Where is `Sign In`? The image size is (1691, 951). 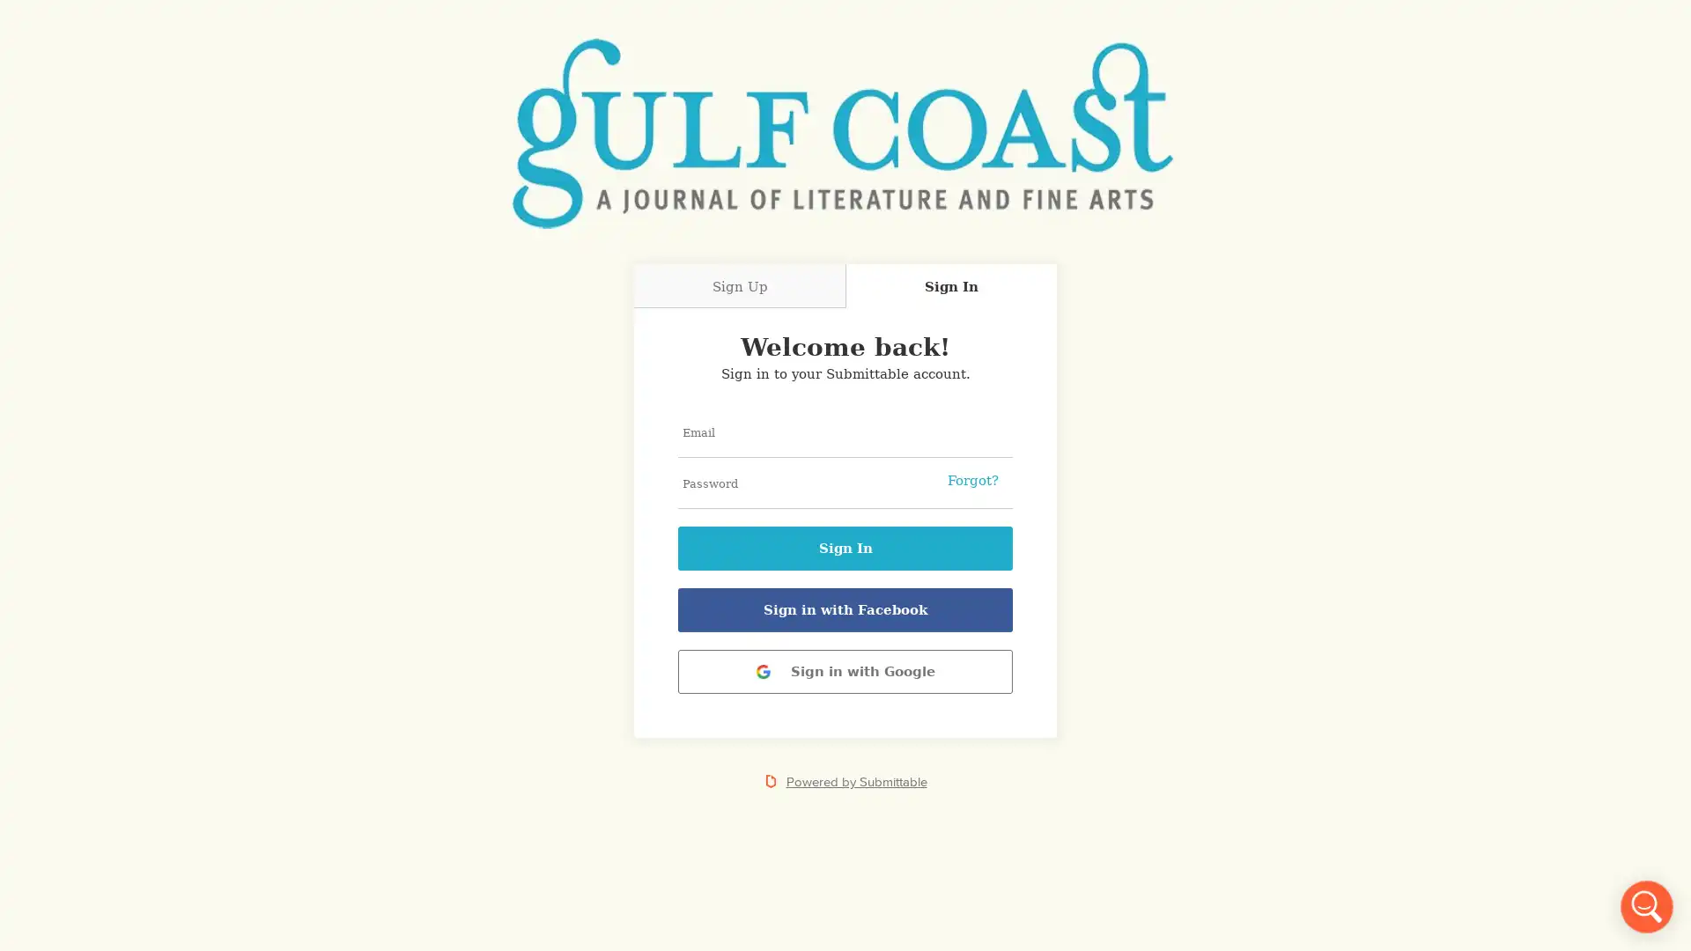
Sign In is located at coordinates (845, 548).